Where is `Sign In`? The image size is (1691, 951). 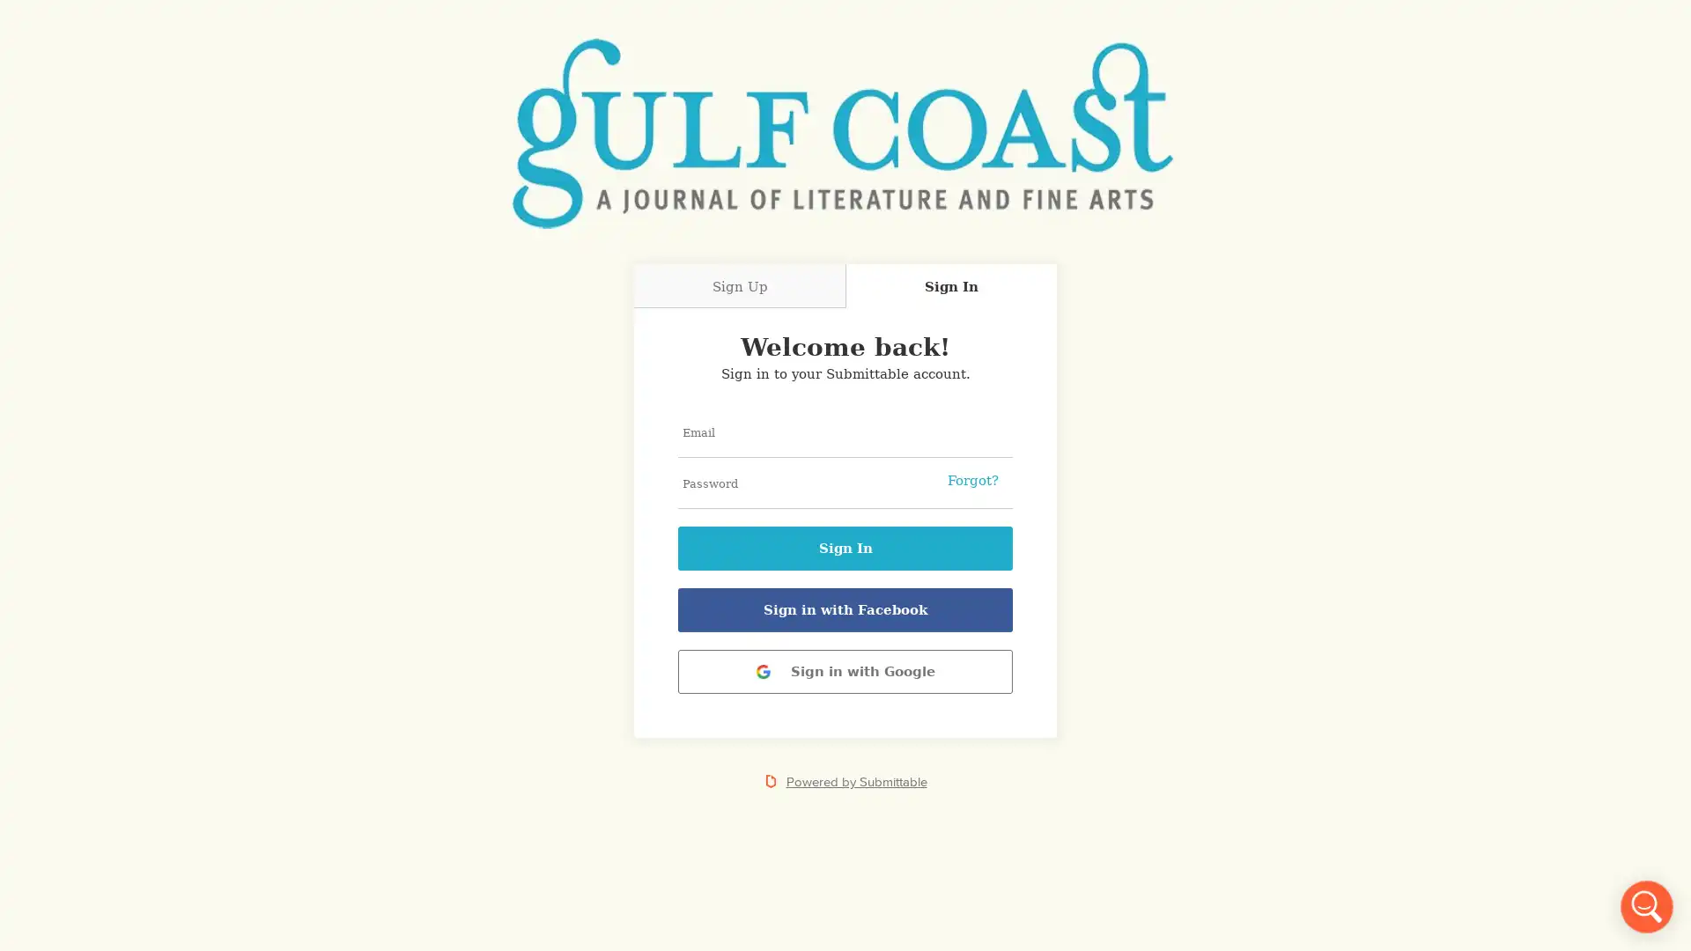
Sign In is located at coordinates (845, 548).